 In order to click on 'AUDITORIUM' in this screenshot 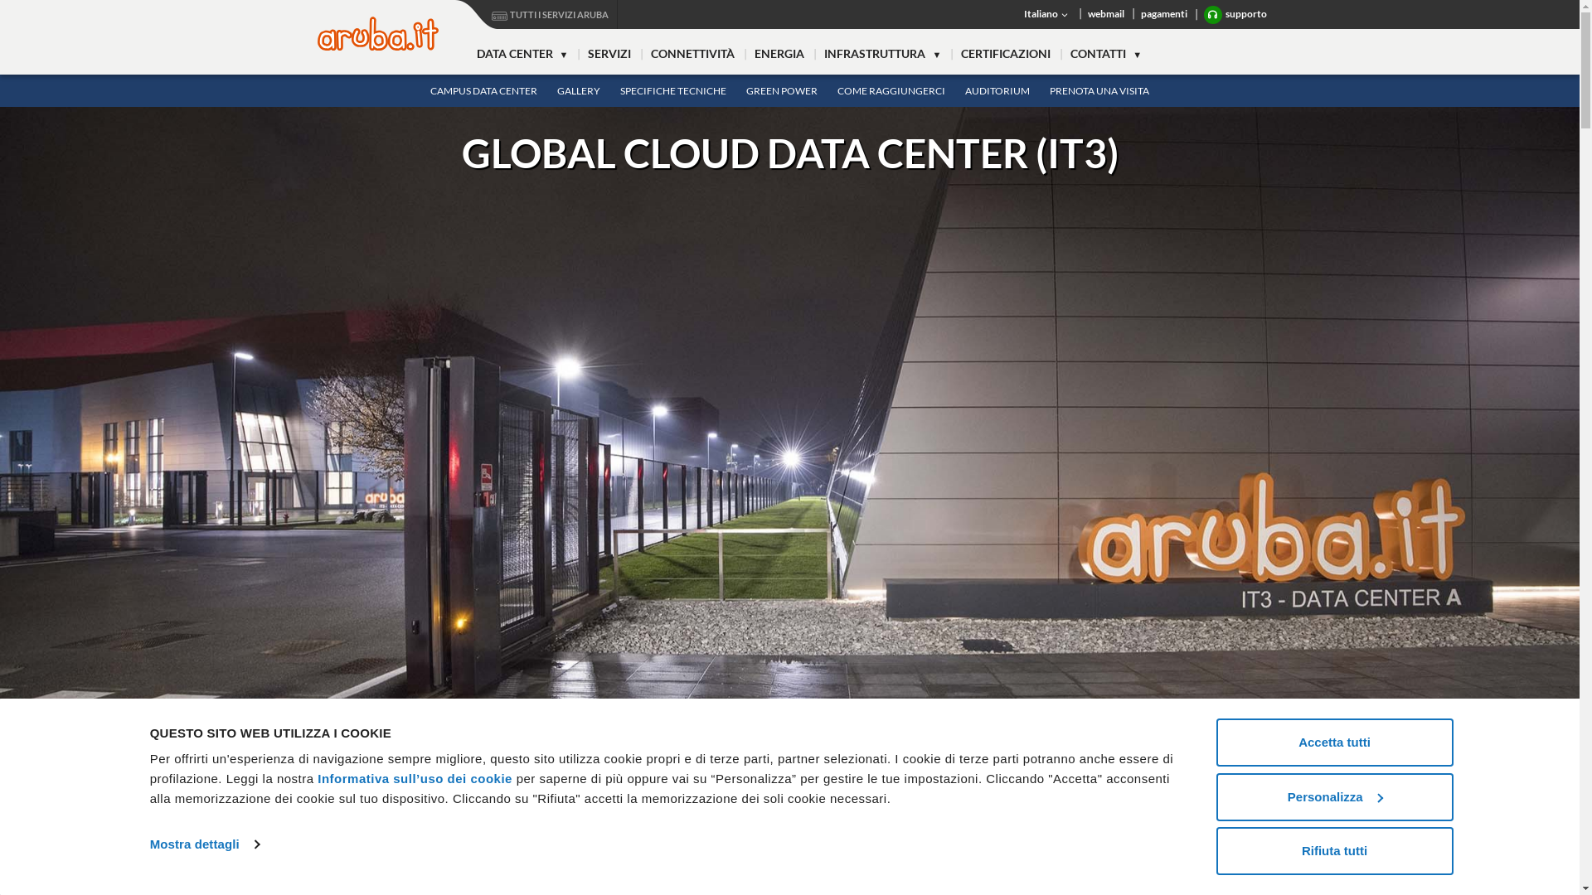, I will do `click(997, 90)`.